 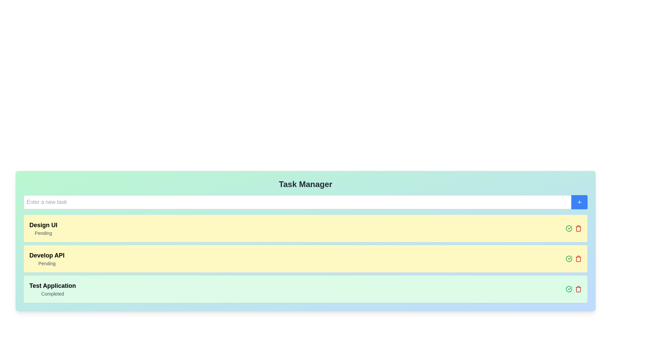 I want to click on delete button for the task 'Design UI', so click(x=578, y=228).